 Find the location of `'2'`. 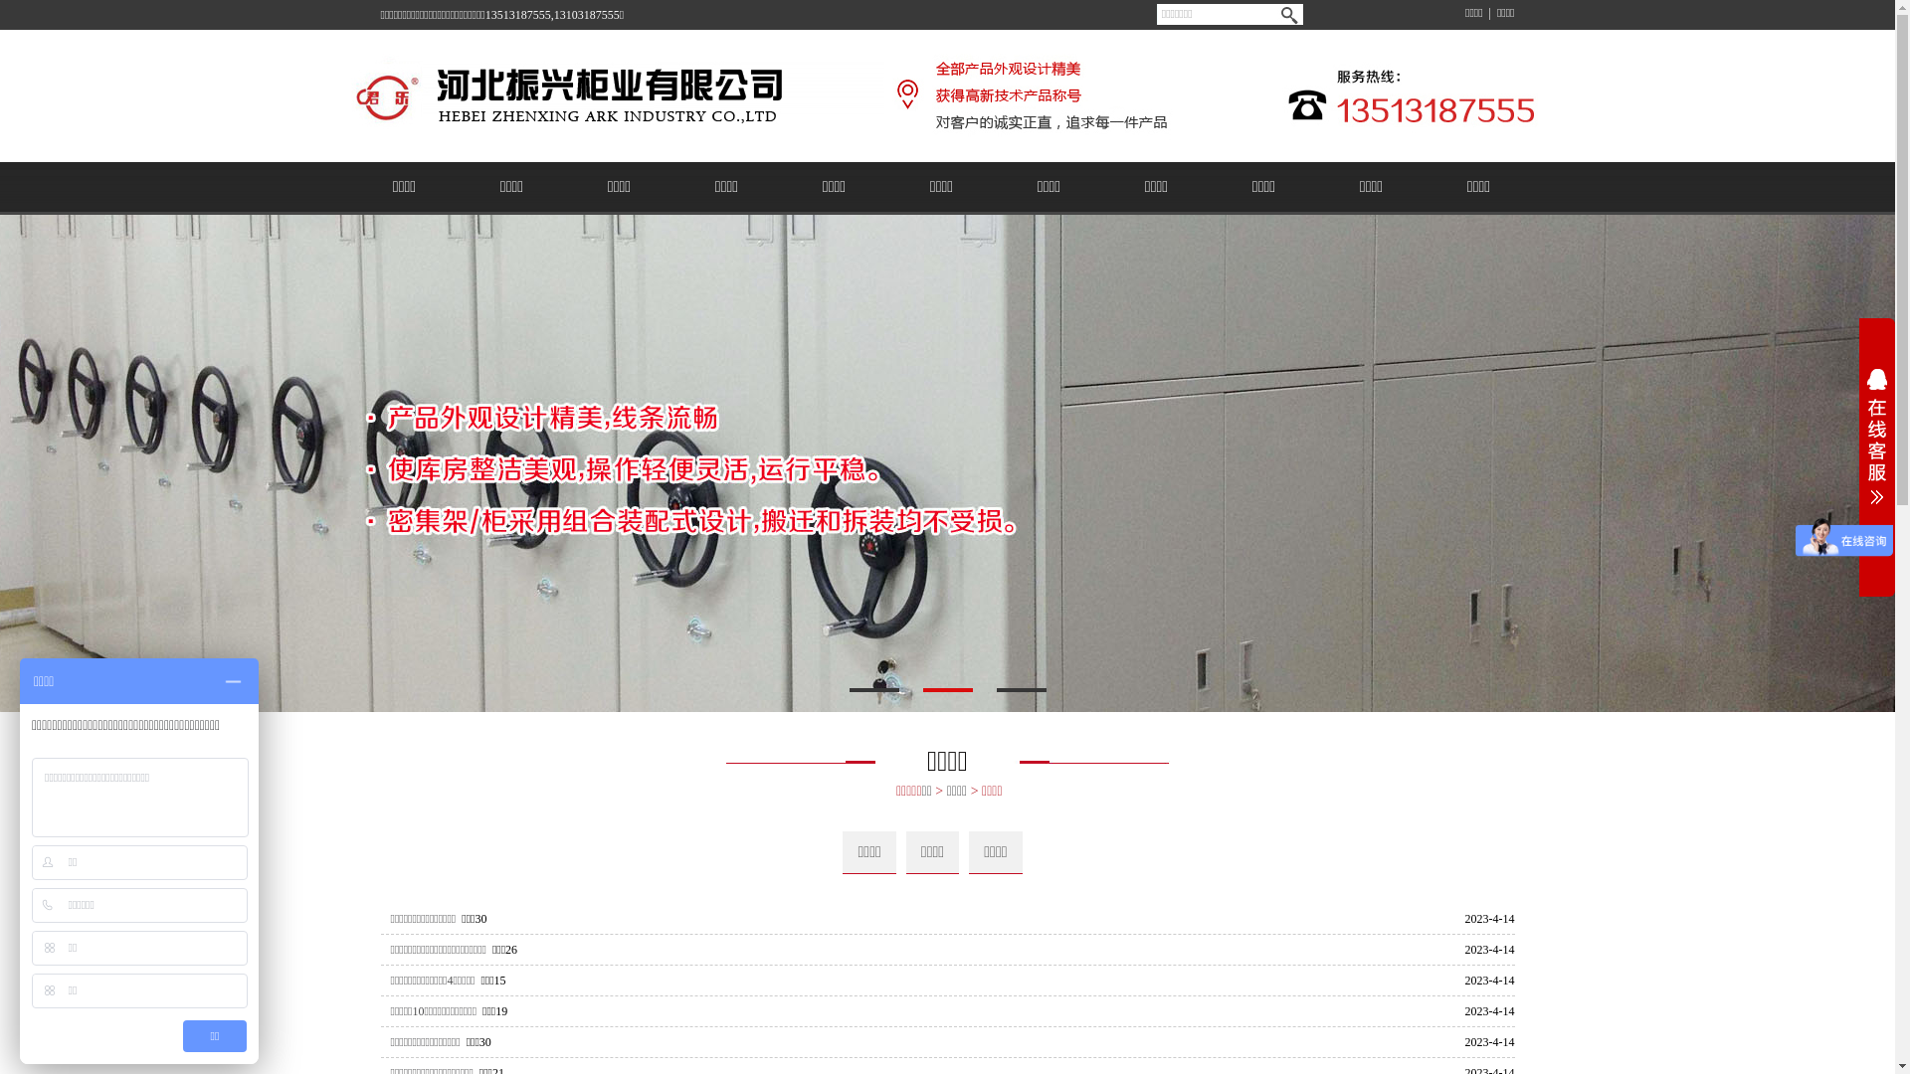

'2' is located at coordinates (921, 689).